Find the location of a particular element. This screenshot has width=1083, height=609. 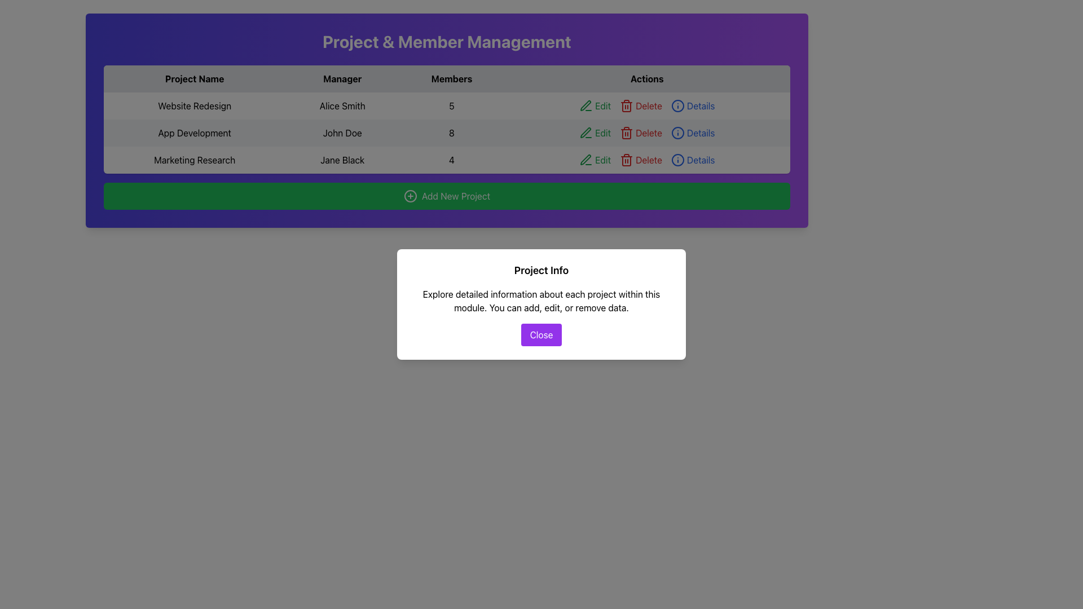

the edit icon is located at coordinates (585, 160).